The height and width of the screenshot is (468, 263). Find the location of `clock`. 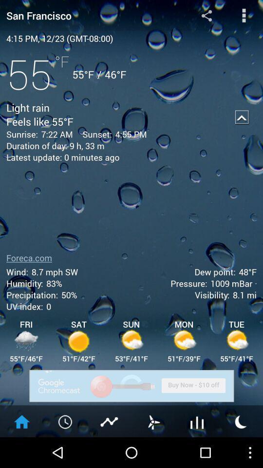

clock is located at coordinates (66, 421).